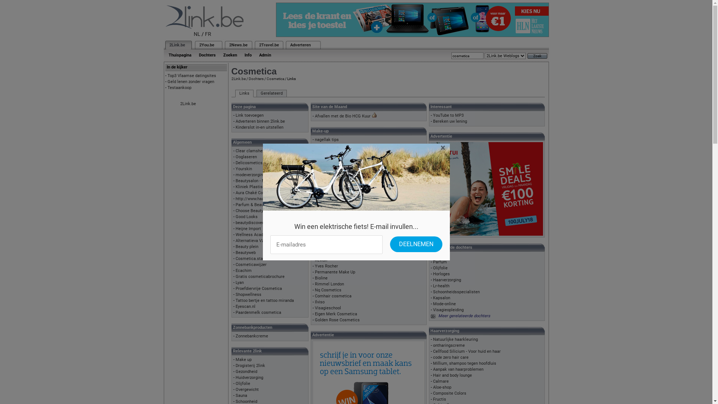 This screenshot has height=404, width=718. I want to click on 'Aloe-shop', so click(442, 387).